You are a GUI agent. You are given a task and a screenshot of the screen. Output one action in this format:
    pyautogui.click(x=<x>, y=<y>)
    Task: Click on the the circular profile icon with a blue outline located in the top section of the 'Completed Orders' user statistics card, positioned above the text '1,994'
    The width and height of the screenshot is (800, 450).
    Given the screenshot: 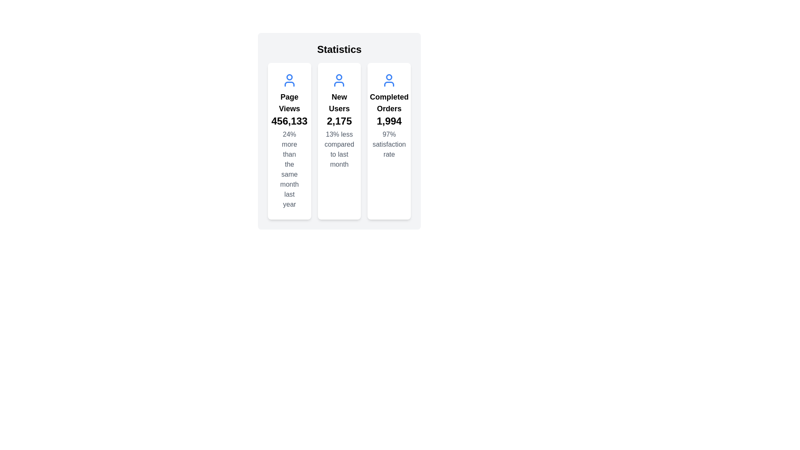 What is the action you would take?
    pyautogui.click(x=389, y=77)
    